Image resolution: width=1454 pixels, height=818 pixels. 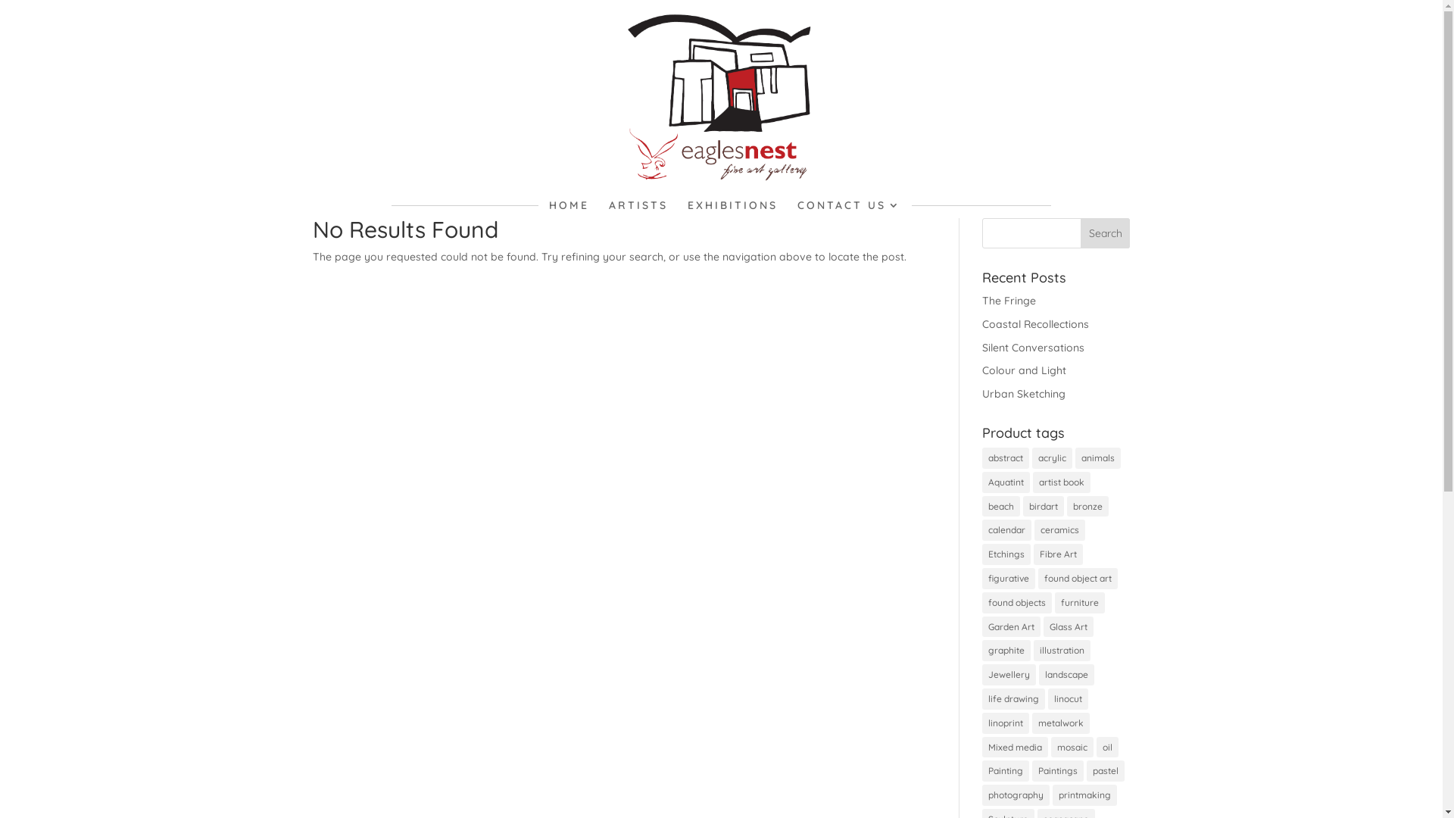 What do you see at coordinates (1079, 233) in the screenshot?
I see `'Search'` at bounding box center [1079, 233].